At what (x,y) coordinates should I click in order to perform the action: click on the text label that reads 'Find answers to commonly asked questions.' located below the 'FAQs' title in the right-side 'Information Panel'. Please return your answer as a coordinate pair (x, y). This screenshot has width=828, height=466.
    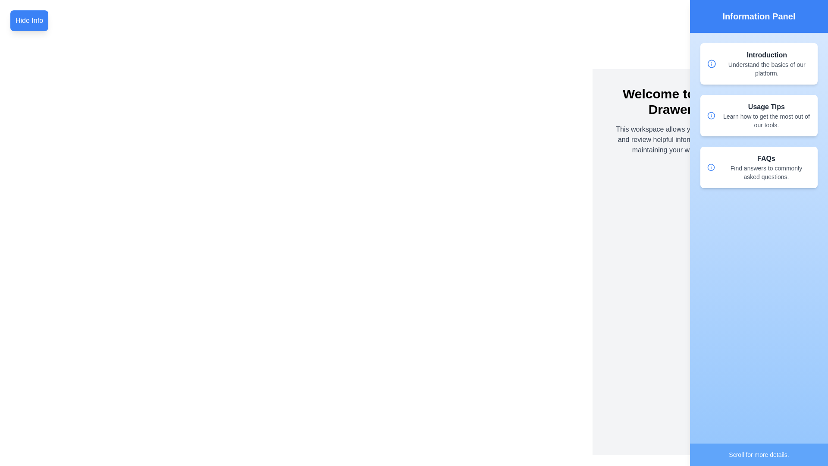
    Looking at the image, I should click on (766, 173).